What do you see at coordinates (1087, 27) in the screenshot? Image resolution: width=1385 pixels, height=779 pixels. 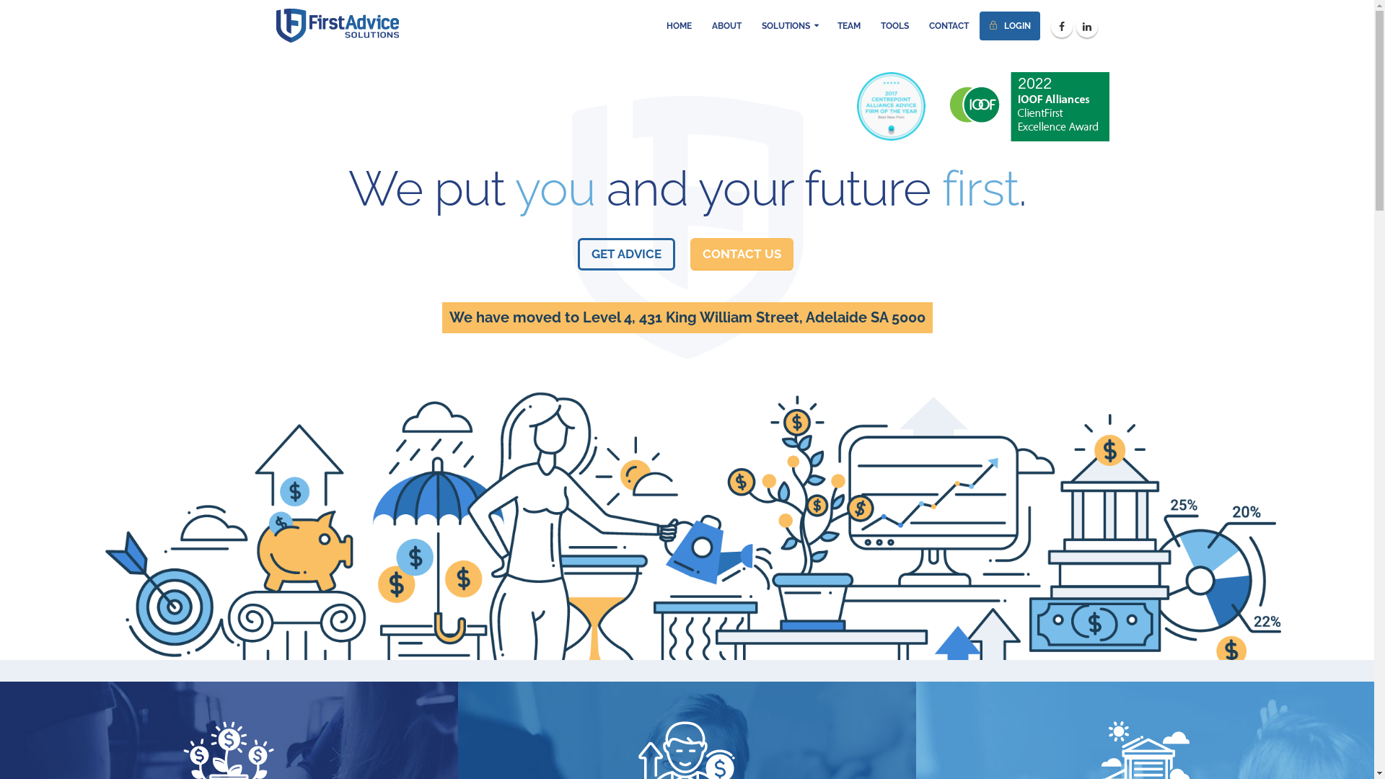 I see `'Linkedin'` at bounding box center [1087, 27].